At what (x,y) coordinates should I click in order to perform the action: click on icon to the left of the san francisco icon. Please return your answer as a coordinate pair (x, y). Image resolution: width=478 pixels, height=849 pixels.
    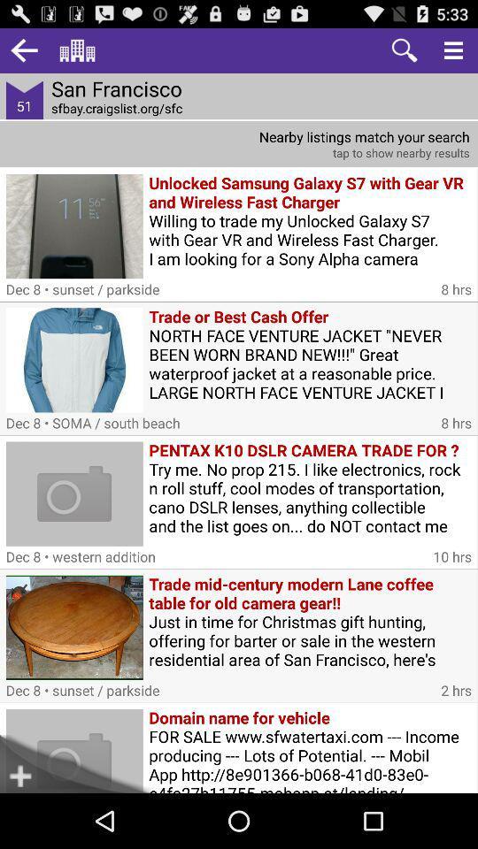
    Looking at the image, I should click on (23, 50).